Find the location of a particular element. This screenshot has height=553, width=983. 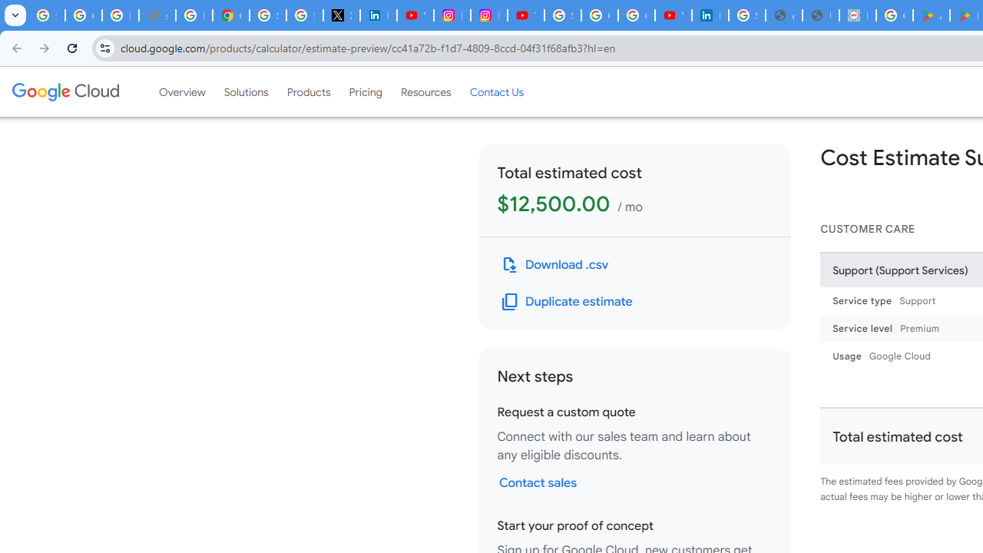

'YouTube Content Monetization Policies - How YouTube Works' is located at coordinates (415, 15).